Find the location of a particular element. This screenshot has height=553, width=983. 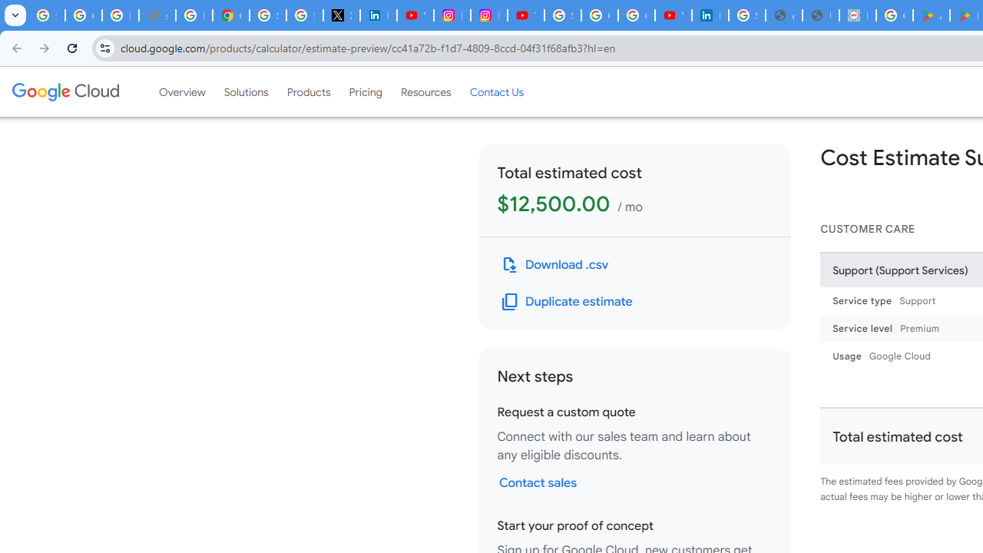

'YouTube Content Monetization Policies - How YouTube Works' is located at coordinates (415, 15).